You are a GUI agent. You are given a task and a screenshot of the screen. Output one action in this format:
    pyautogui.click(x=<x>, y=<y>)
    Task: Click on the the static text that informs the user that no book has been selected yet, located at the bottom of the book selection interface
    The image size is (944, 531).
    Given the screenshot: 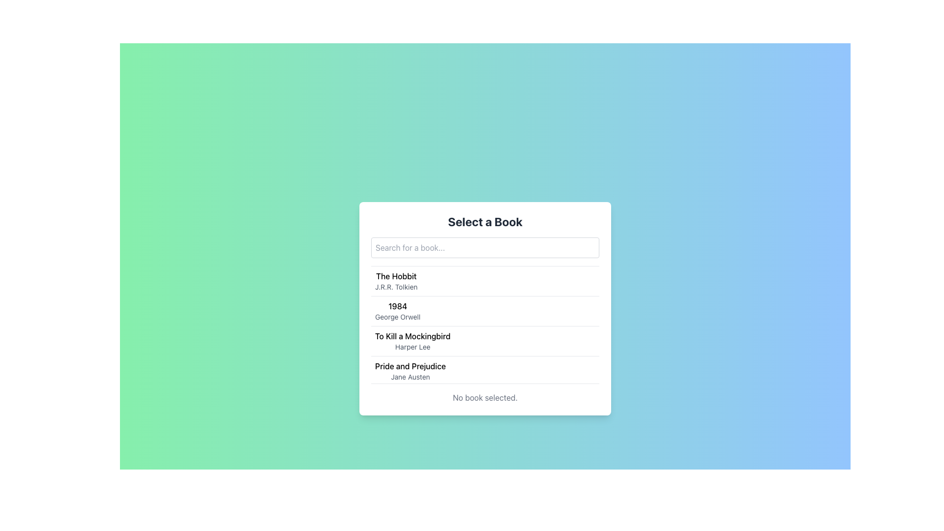 What is the action you would take?
    pyautogui.click(x=485, y=397)
    